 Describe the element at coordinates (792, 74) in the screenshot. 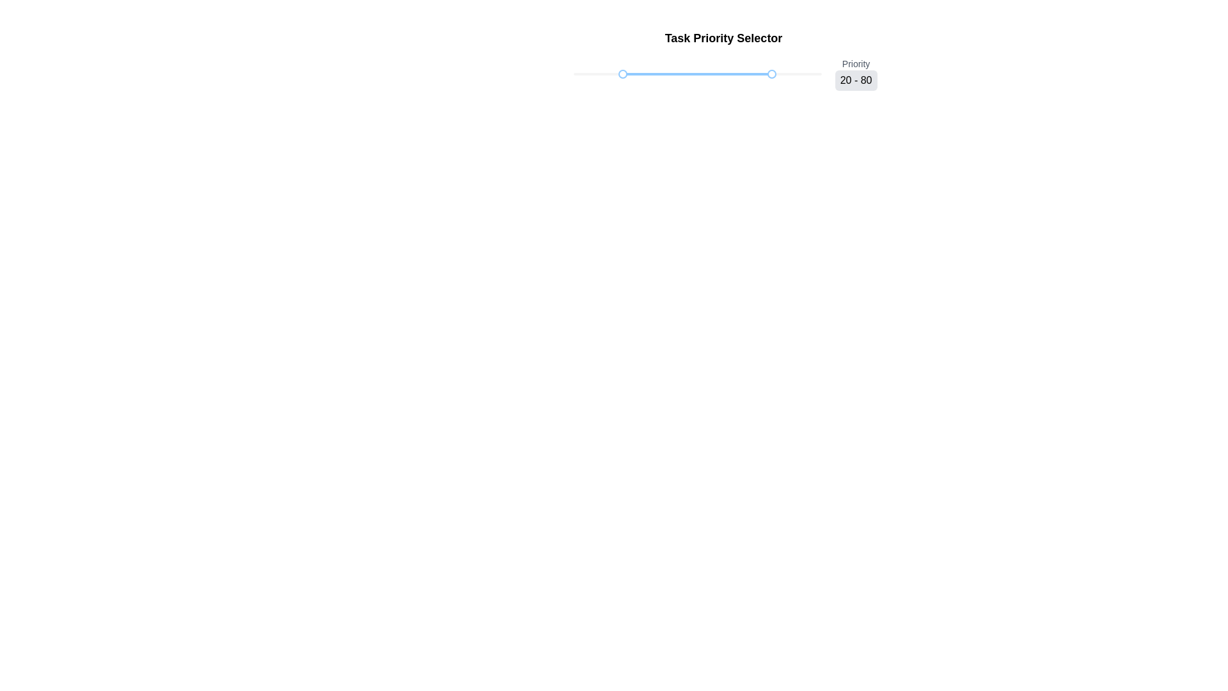

I see `the priority slider` at that location.